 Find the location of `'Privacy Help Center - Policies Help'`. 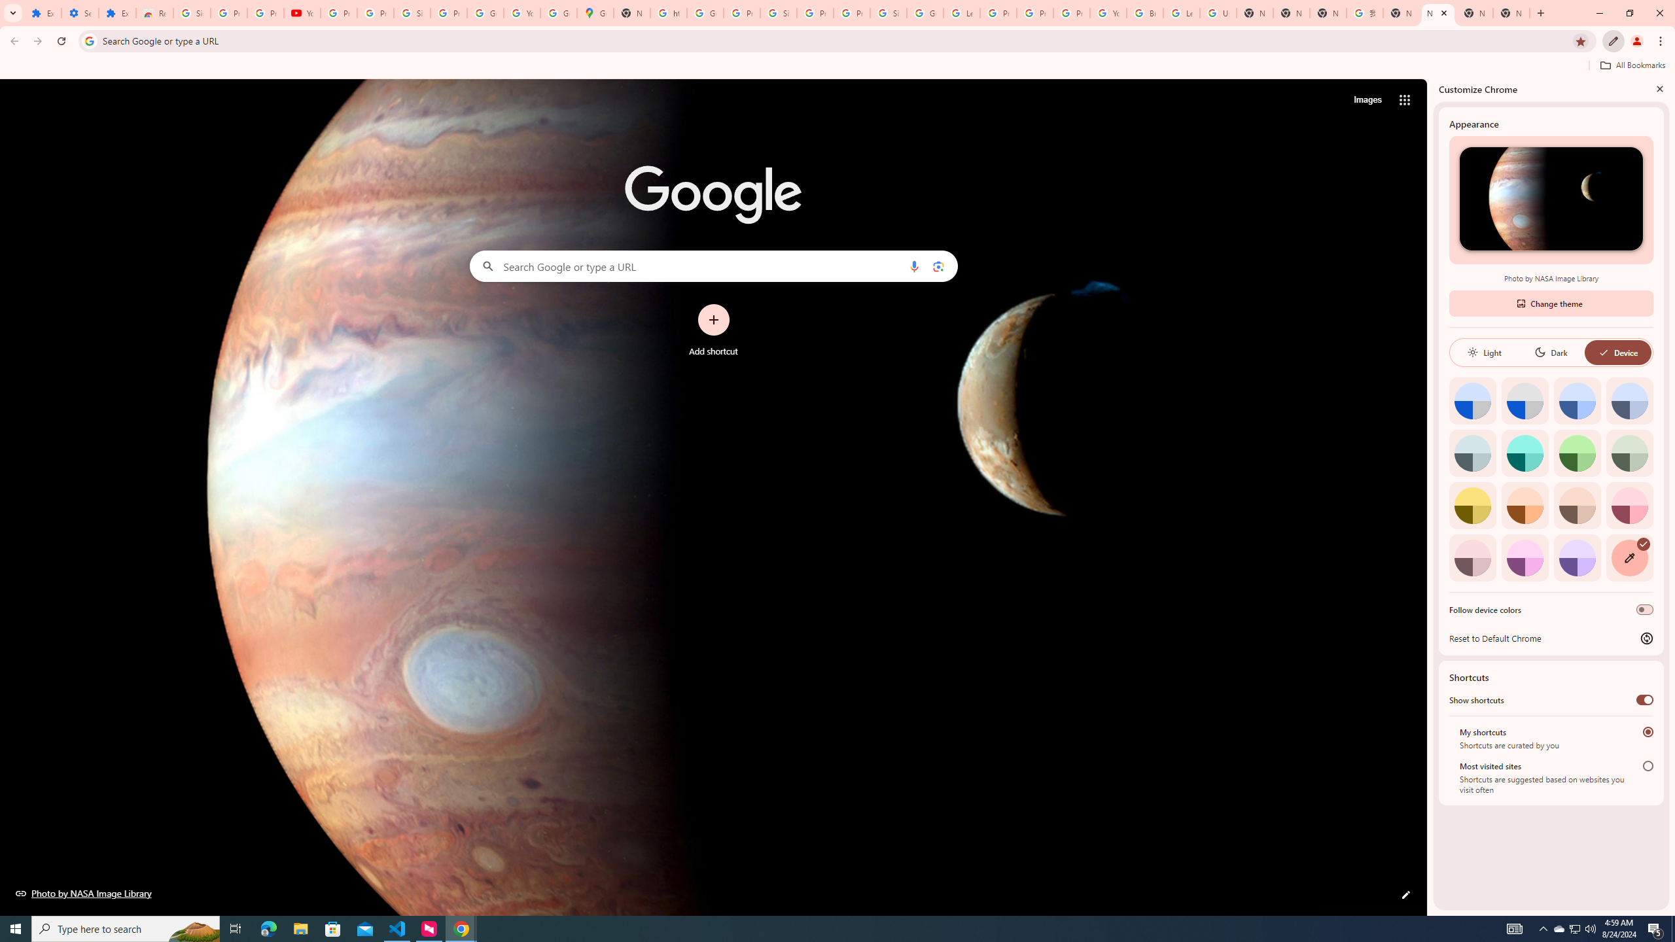

'Privacy Help Center - Policies Help' is located at coordinates (998, 12).